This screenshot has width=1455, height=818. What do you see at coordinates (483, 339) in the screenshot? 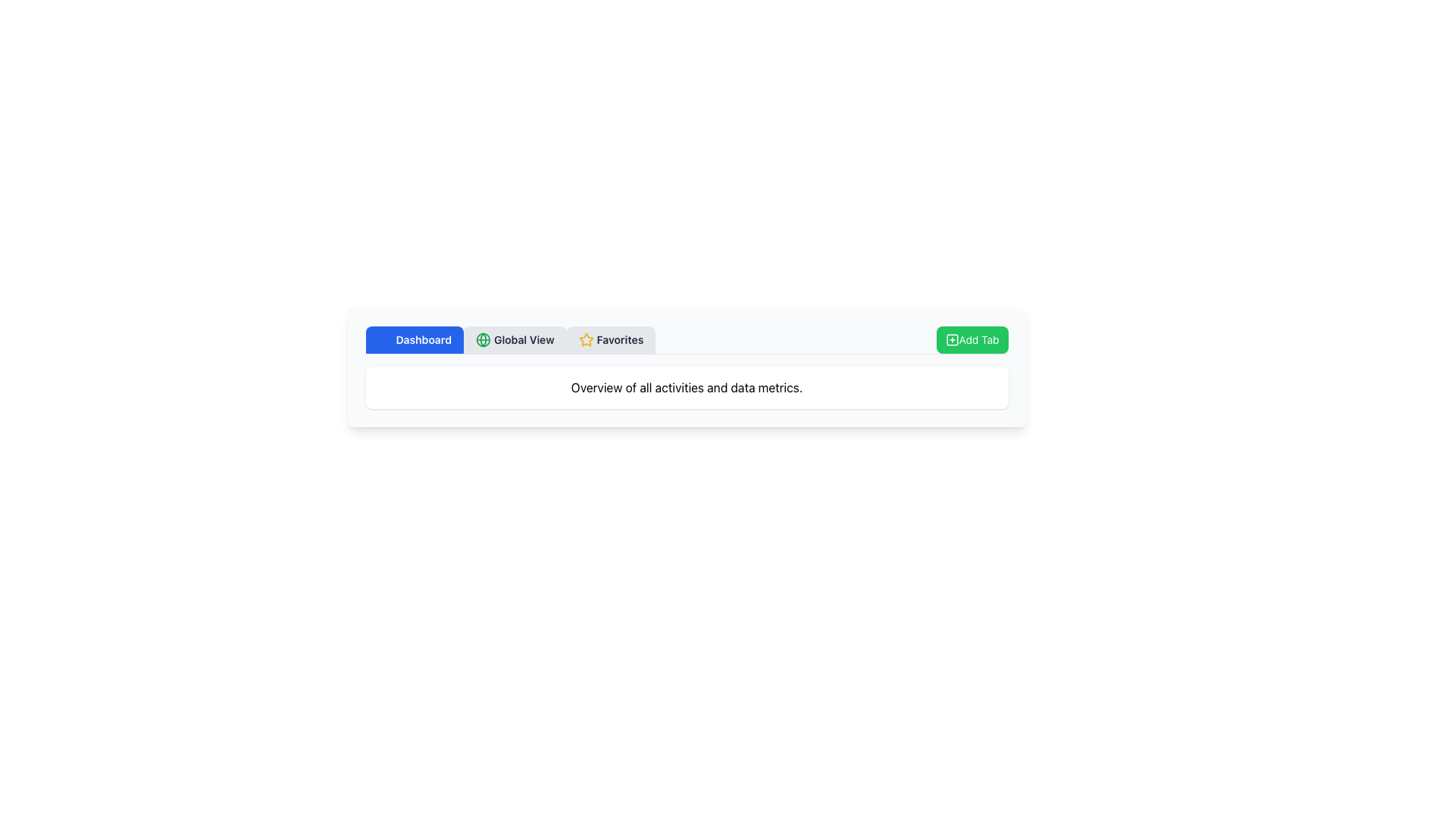
I see `the Circle SVG element that represents the 'Global View' icon in the navigation menu, located between the 'Dashboard' and 'Favorites' tabs` at bounding box center [483, 339].